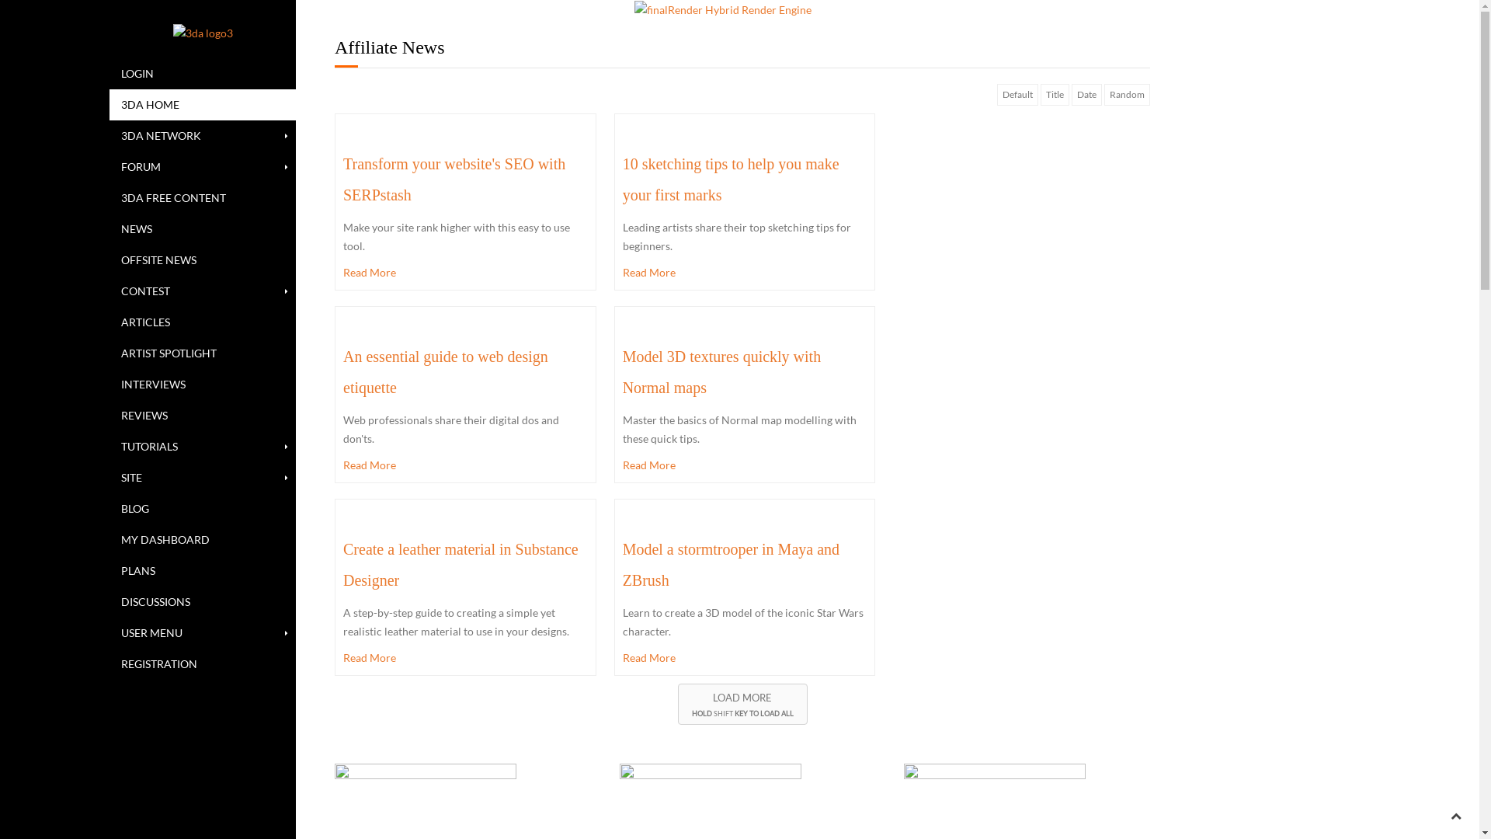 Image resolution: width=1491 pixels, height=839 pixels. Describe the element at coordinates (464, 658) in the screenshot. I see `'Read More'` at that location.